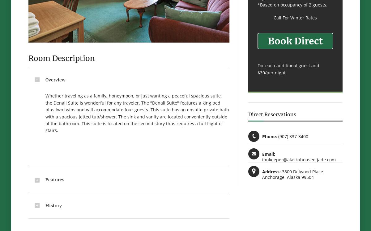  I want to click on 'Address:', so click(271, 171).